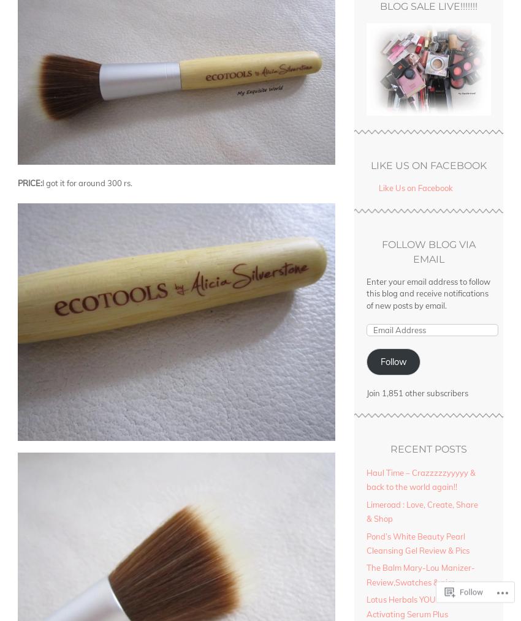 This screenshot has width=521, height=621. I want to click on 'Join 1,851 other subscribers', so click(365, 392).